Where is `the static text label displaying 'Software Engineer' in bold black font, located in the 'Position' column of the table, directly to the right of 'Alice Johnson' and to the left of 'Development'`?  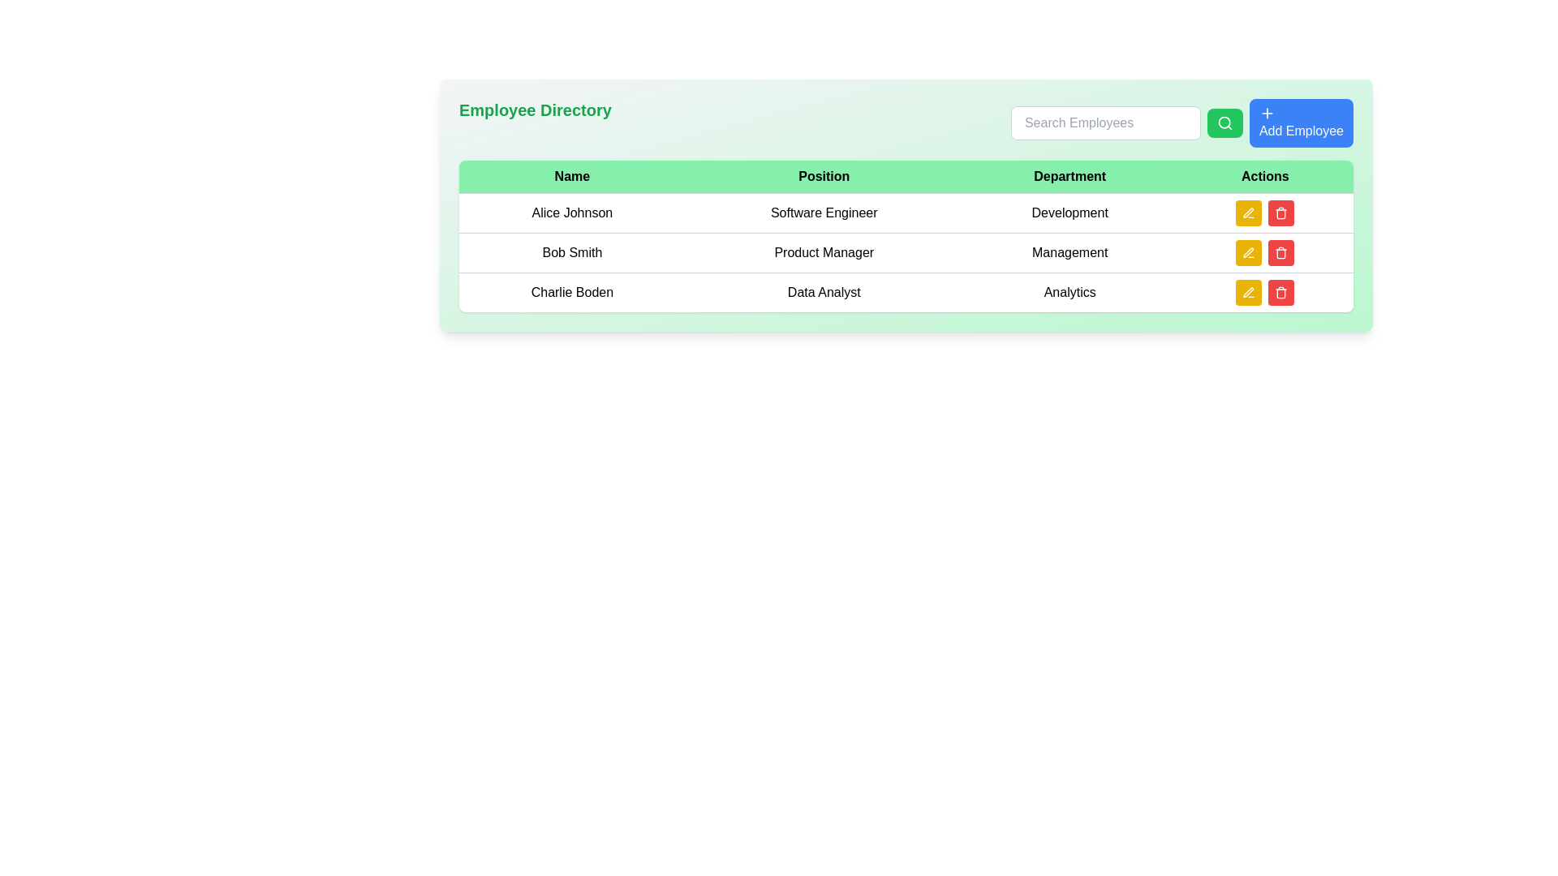
the static text label displaying 'Software Engineer' in bold black font, located in the 'Position' column of the table, directly to the right of 'Alice Johnson' and to the left of 'Development' is located at coordinates (824, 212).